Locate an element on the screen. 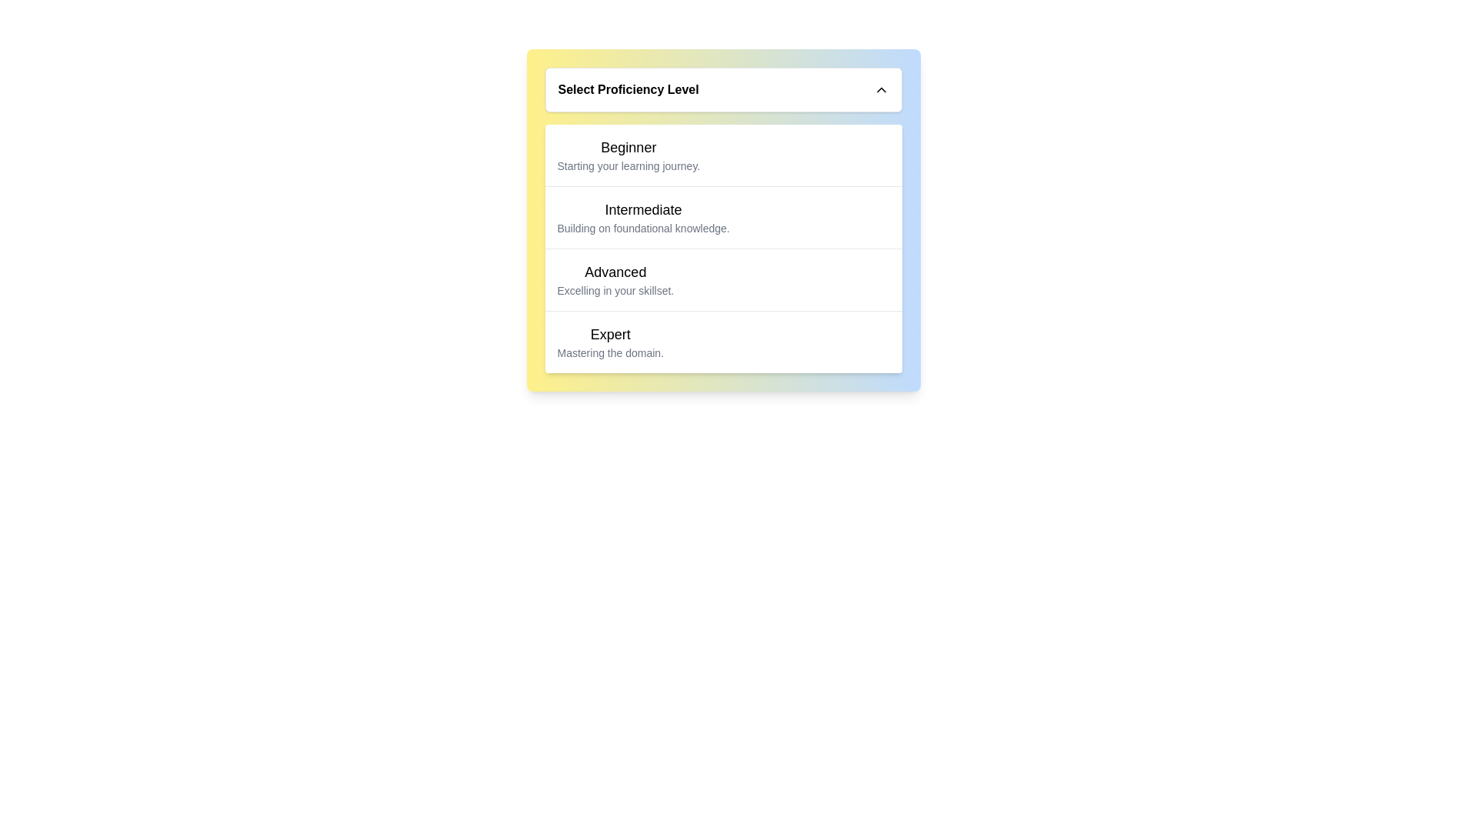 This screenshot has width=1477, height=831. the dropdown menu titled 'Select Proficiency Level', which features a gradient background and contains options including 'Intermediate' is located at coordinates (722, 220).